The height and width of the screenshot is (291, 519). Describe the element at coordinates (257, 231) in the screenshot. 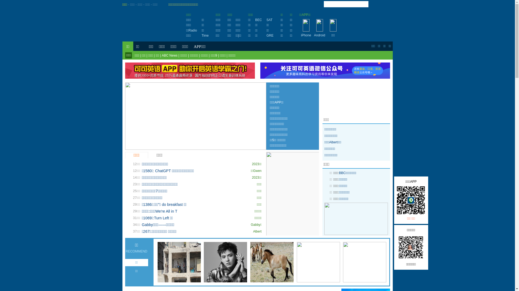

I see `'Albert'` at that location.